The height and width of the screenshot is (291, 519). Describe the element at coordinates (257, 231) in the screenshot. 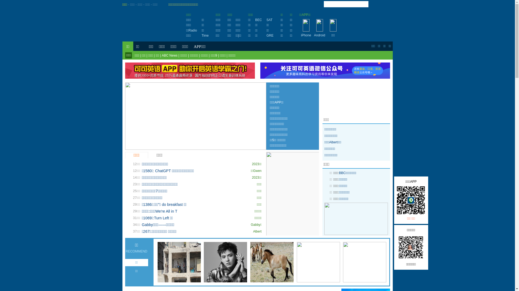

I see `'Albert'` at that location.